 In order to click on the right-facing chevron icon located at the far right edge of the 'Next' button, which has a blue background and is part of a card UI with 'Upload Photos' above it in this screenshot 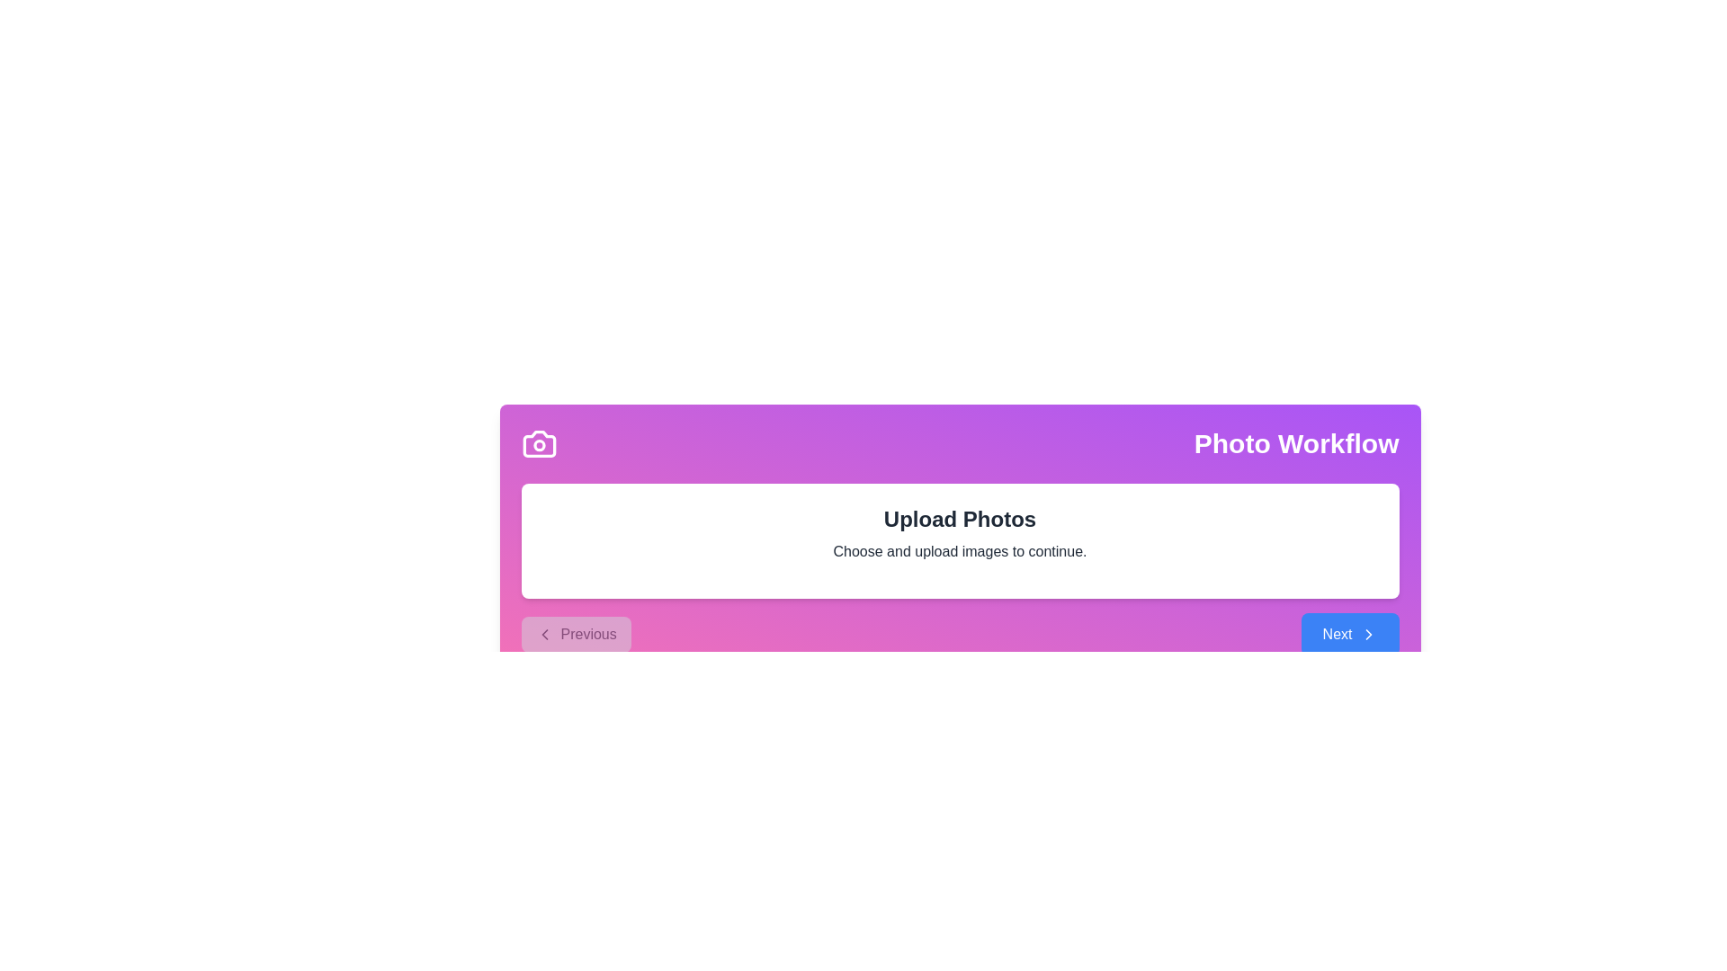, I will do `click(1367, 633)`.